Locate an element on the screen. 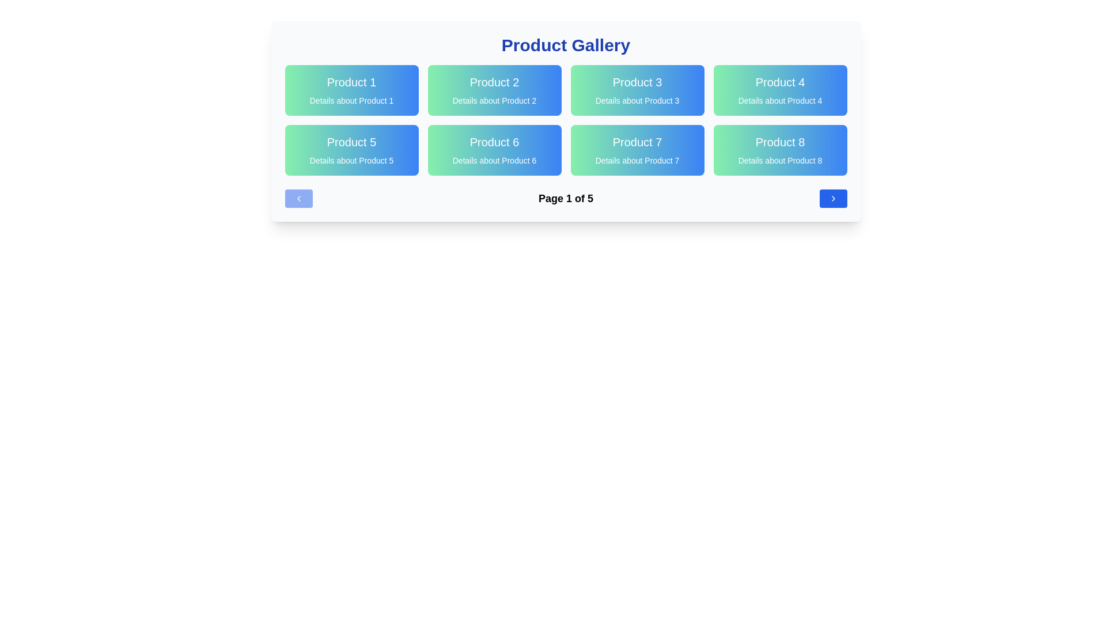 Image resolution: width=1106 pixels, height=622 pixels. the 'Product 8' card, which is the last element in the grid with a gradient background and text indicating 'Product 8' is located at coordinates (780, 150).